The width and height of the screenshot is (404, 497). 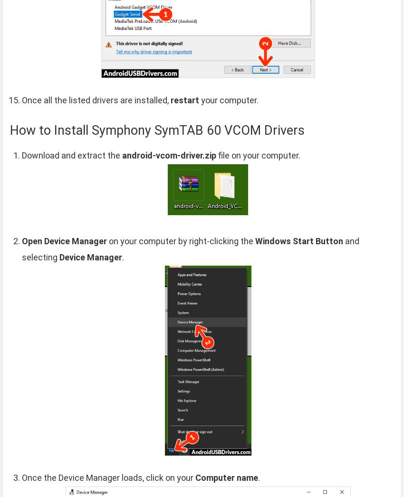 I want to click on 'android-vcom-driver.zip', so click(x=168, y=155).